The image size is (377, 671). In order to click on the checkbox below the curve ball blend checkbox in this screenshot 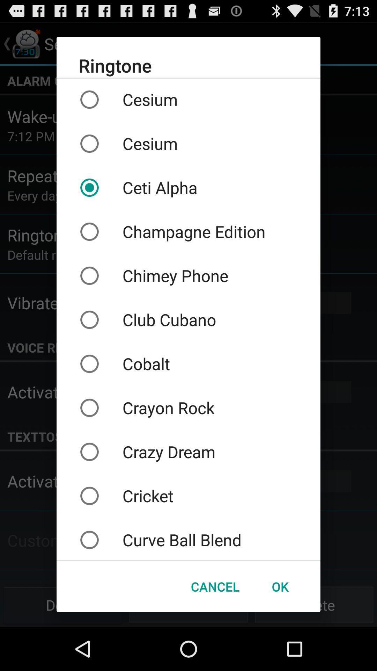, I will do `click(215, 586)`.